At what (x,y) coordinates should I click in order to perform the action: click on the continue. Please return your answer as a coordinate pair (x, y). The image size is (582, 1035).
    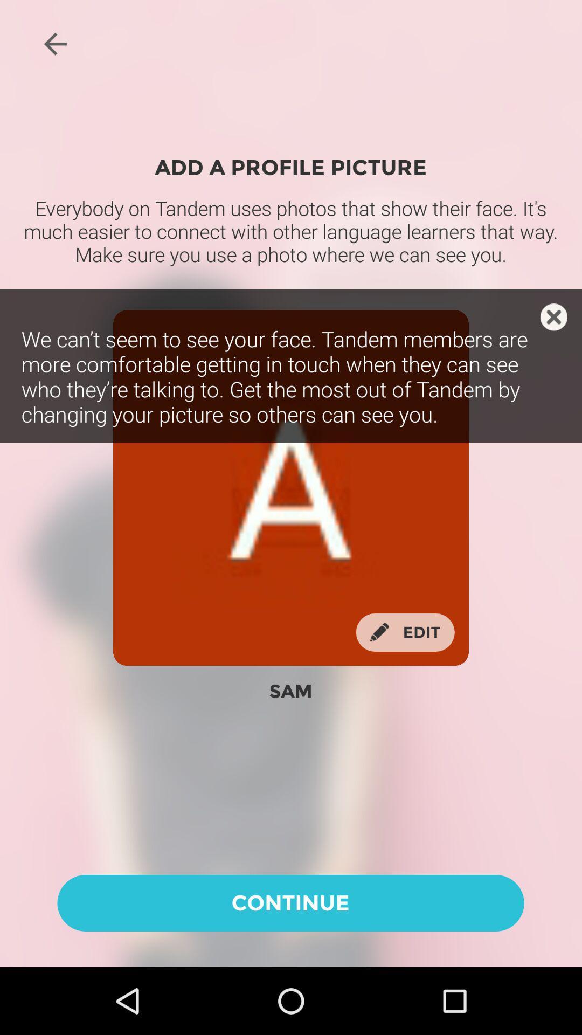
    Looking at the image, I should click on (290, 903).